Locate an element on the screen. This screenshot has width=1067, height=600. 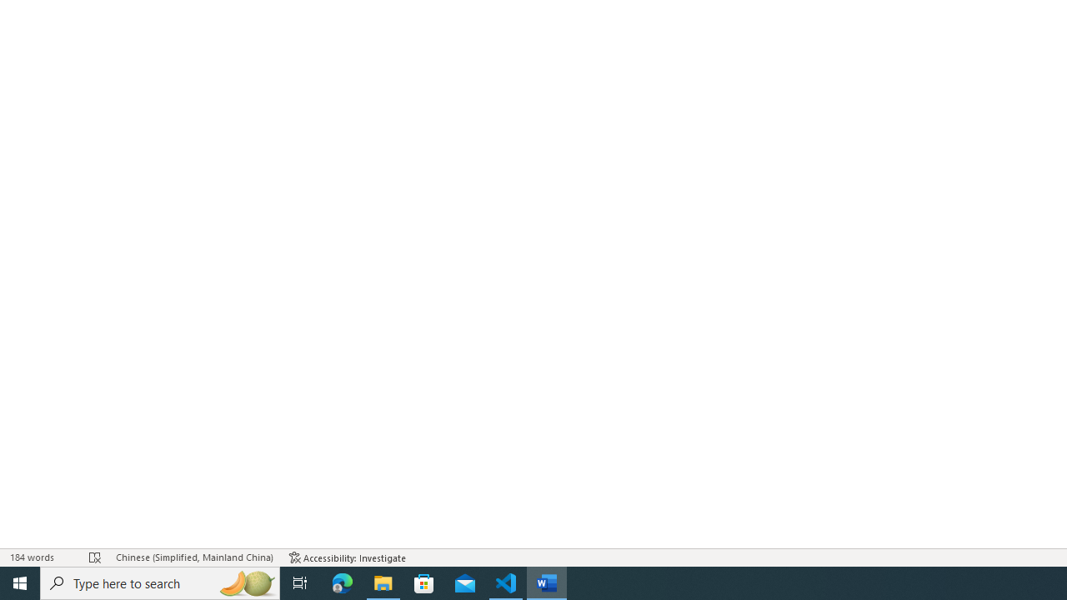
'Language Chinese (Simplified, Mainland China)' is located at coordinates (193, 557).